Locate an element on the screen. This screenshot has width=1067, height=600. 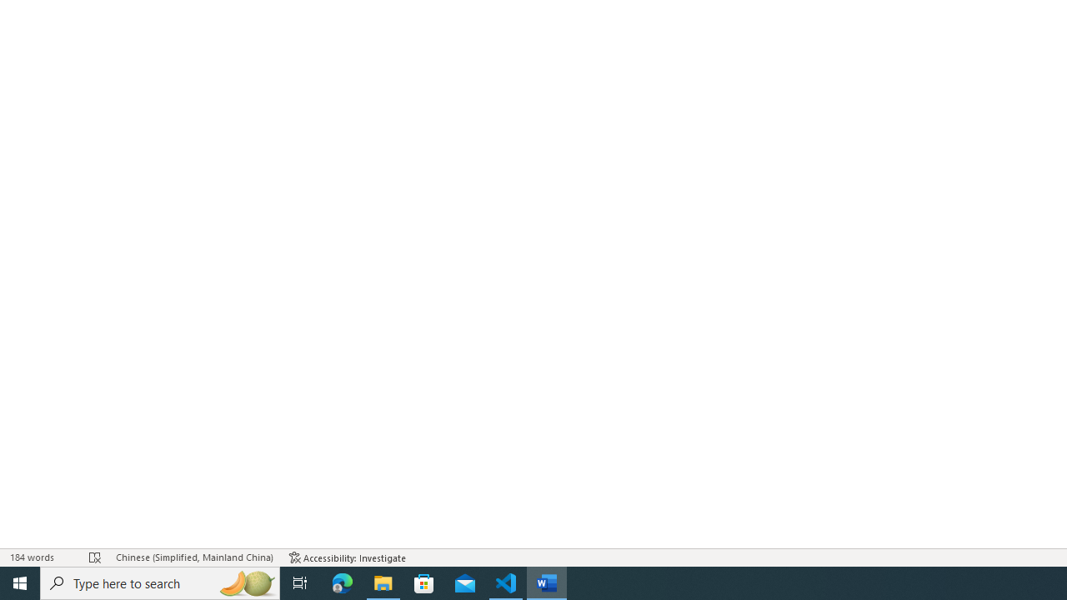
'Language Chinese (Simplified, Mainland China)' is located at coordinates (193, 557).